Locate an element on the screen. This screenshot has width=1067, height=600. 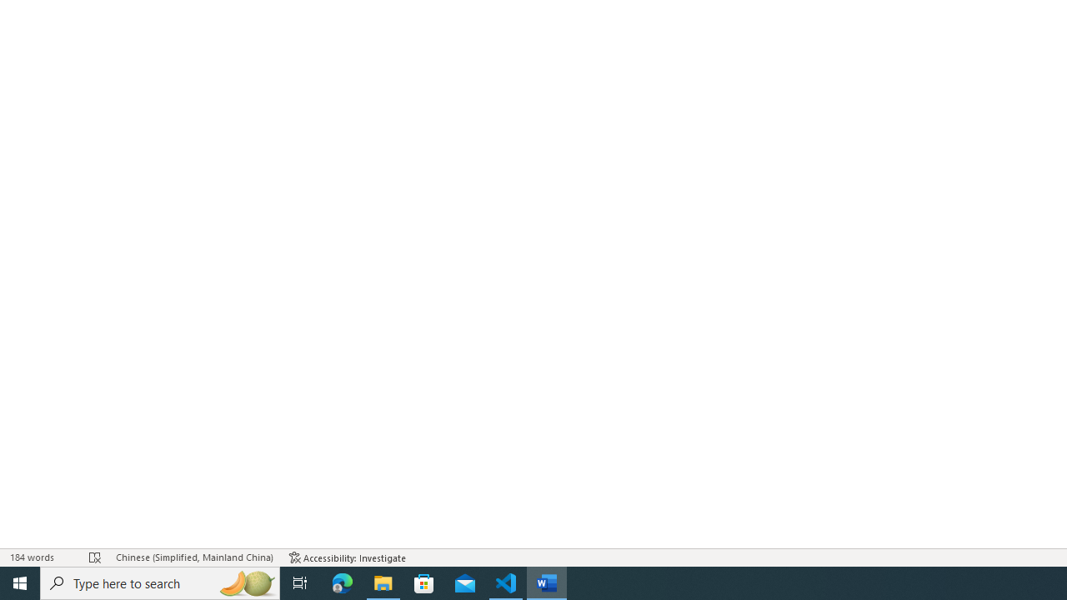
'Language Chinese (Simplified, Mainland China)' is located at coordinates (193, 557).